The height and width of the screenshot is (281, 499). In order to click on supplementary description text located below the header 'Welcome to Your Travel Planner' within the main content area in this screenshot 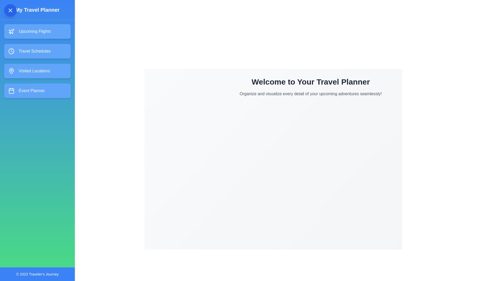, I will do `click(311, 94)`.